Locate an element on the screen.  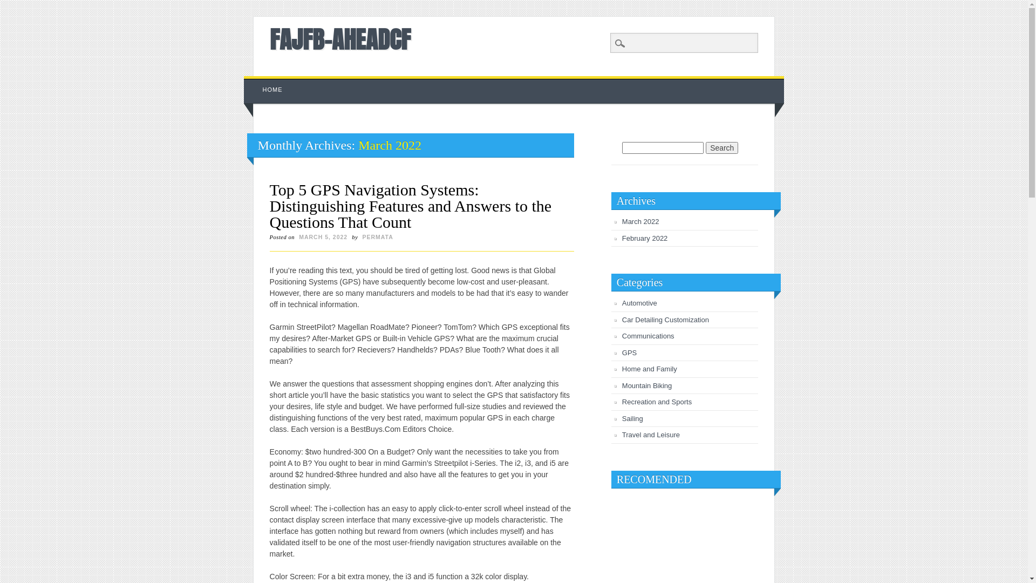
'FAJFB-AHEADCF' is located at coordinates (339, 39).